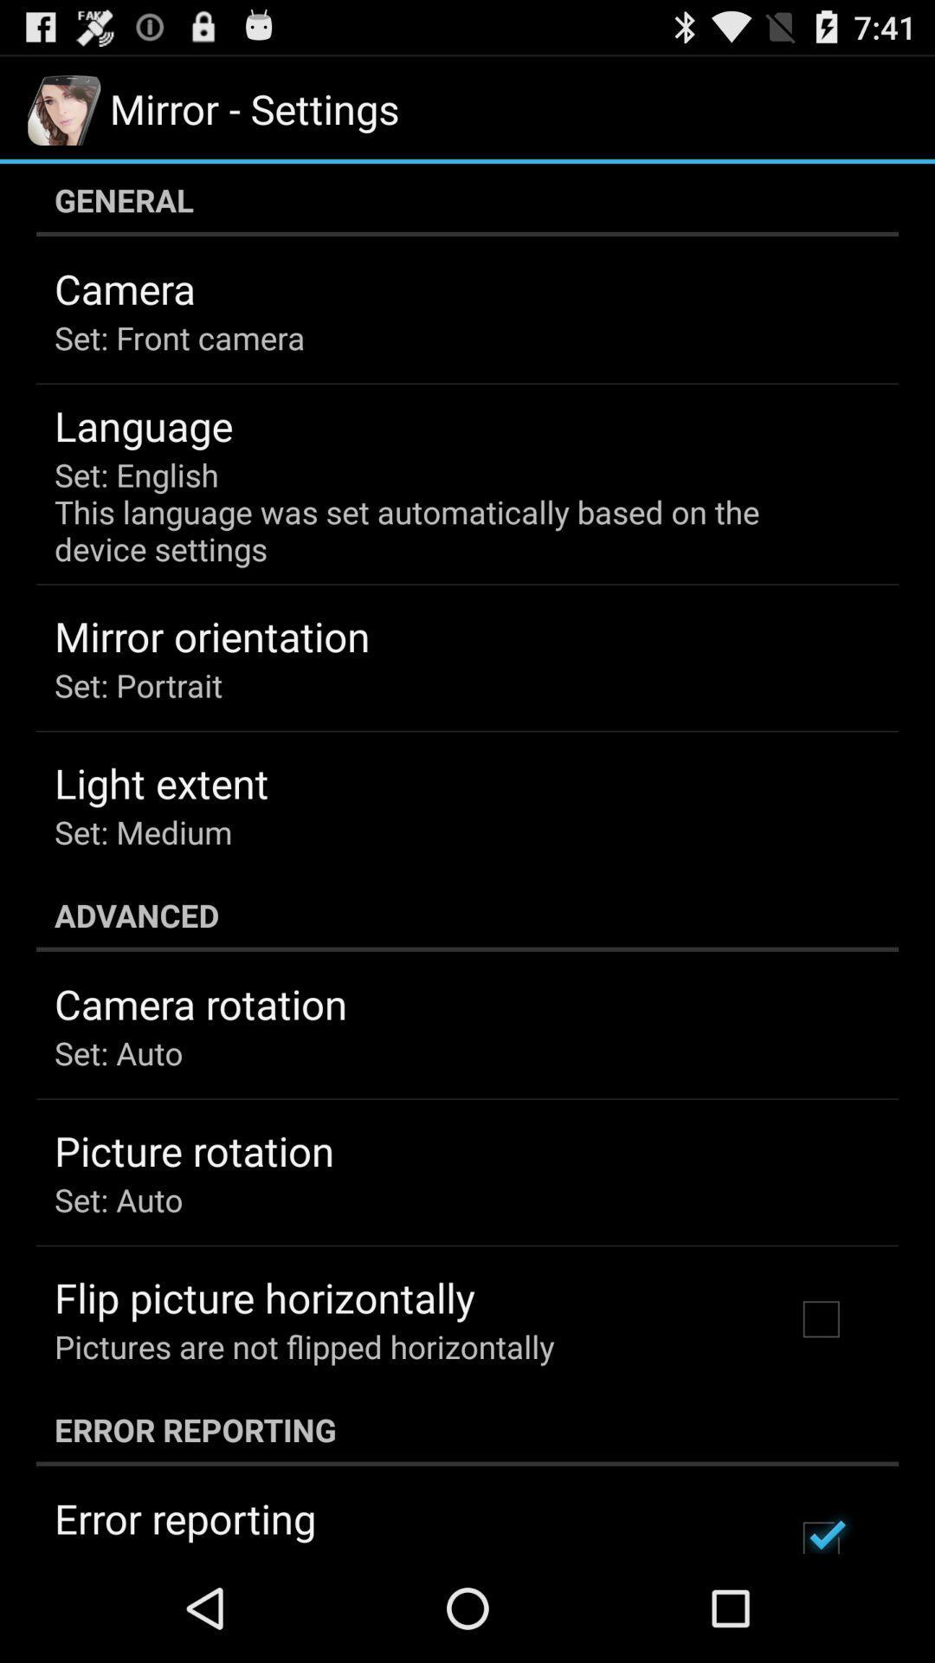  I want to click on the app above the pictures are not item, so click(264, 1297).